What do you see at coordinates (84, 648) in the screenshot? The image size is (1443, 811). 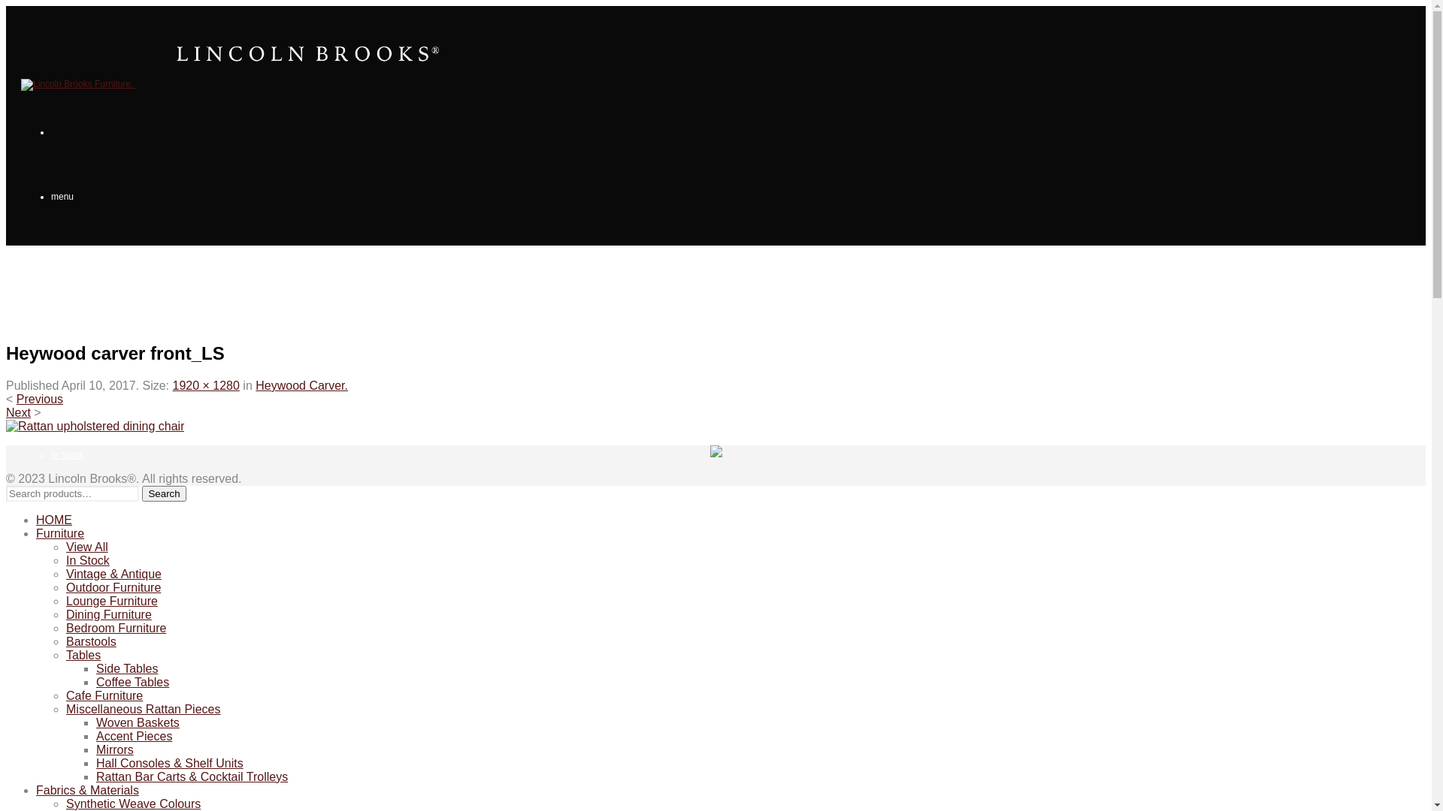 I see `'Lounge Furniture'` at bounding box center [84, 648].